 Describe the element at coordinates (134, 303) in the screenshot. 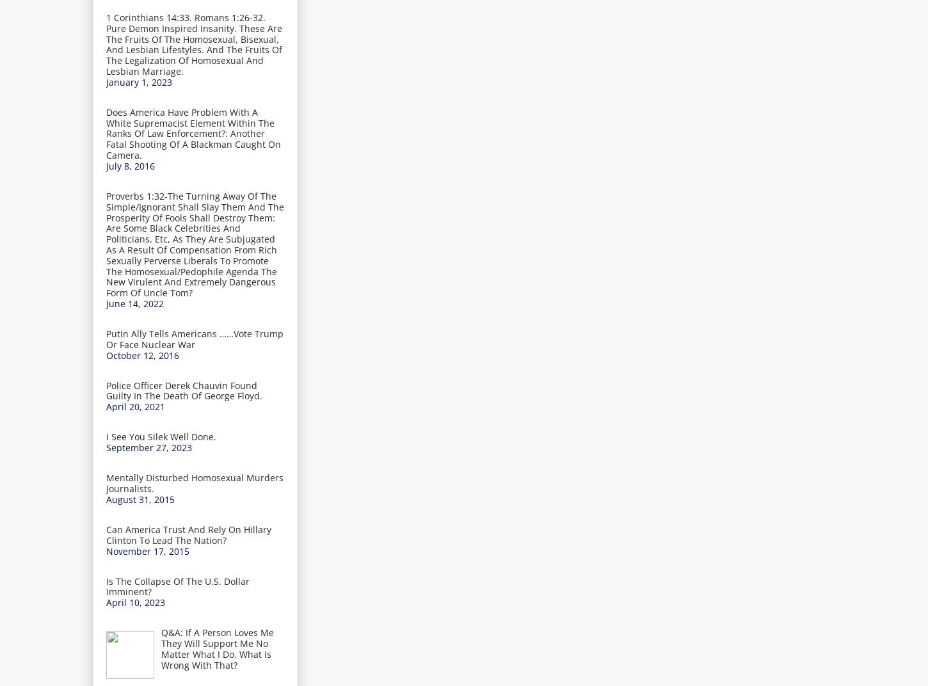

I see `'June 14, 2022'` at that location.